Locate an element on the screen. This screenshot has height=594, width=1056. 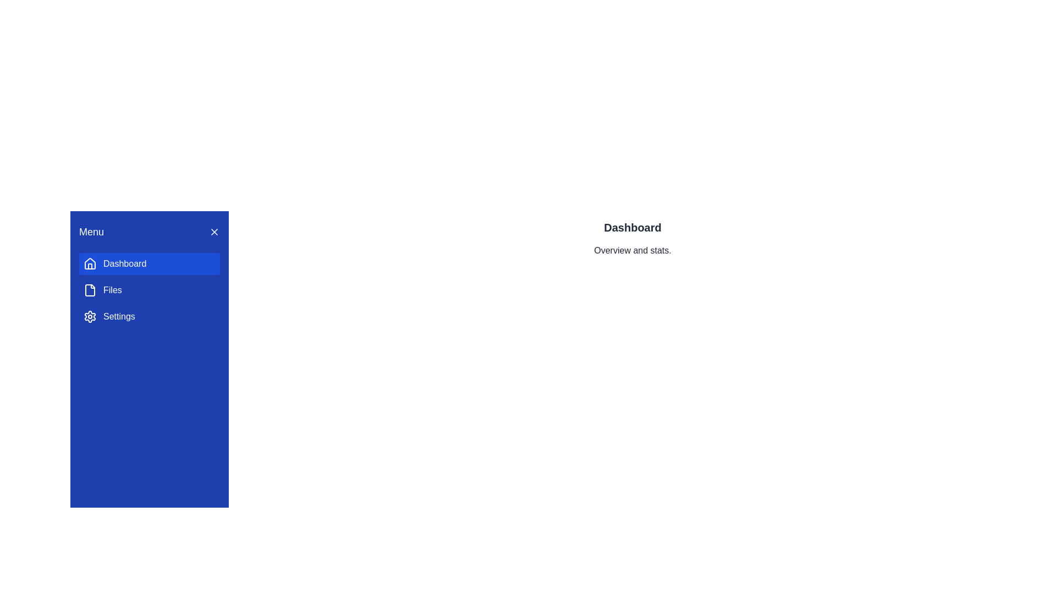
the Files tab by clicking on its label is located at coordinates (149, 290).